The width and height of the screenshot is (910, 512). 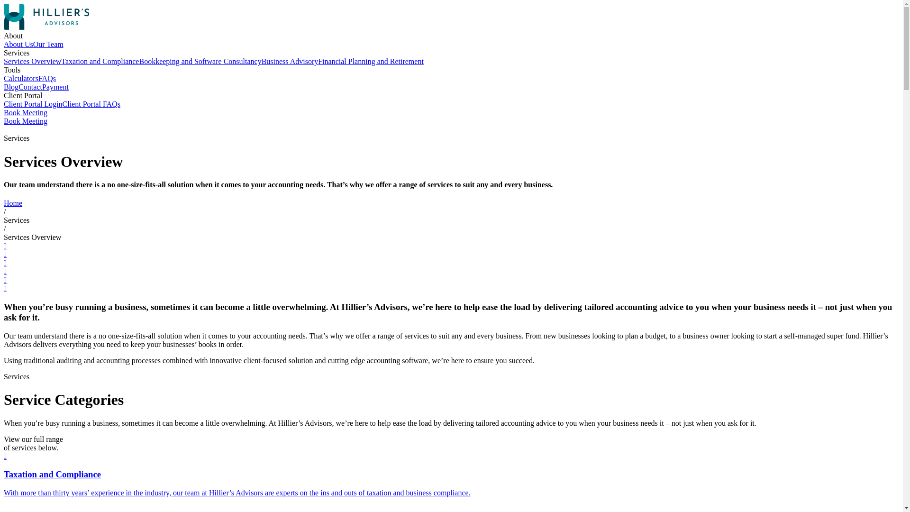 What do you see at coordinates (33, 104) in the screenshot?
I see `'Client Portal Login'` at bounding box center [33, 104].